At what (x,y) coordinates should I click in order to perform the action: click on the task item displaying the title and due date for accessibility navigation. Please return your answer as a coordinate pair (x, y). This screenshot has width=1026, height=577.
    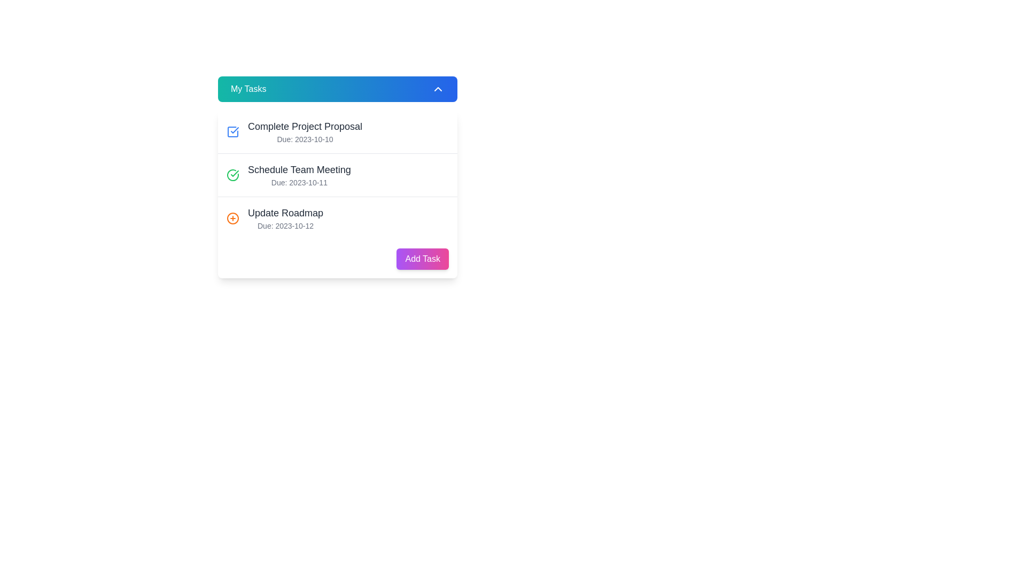
    Looking at the image, I should click on (285, 217).